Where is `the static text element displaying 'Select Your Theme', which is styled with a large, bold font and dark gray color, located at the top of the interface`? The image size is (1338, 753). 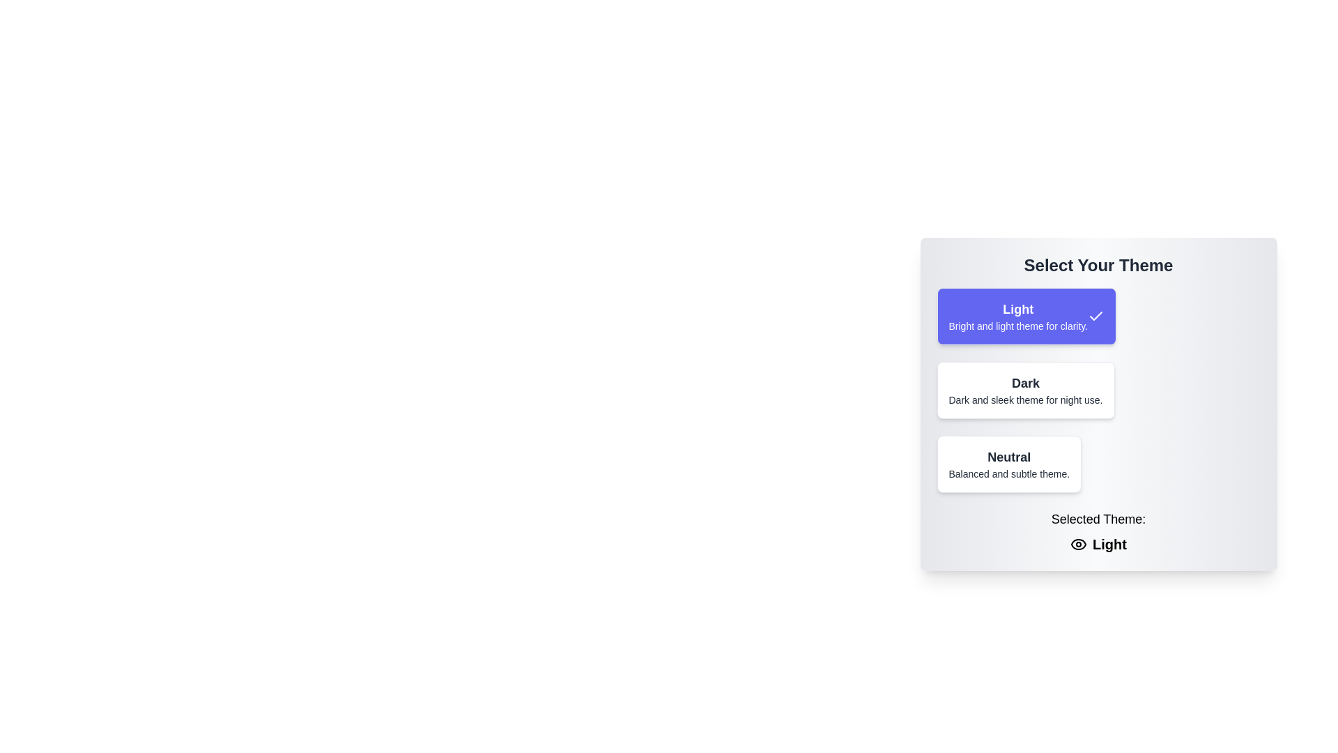
the static text element displaying 'Select Your Theme', which is styled with a large, bold font and dark gray color, located at the top of the interface is located at coordinates (1098, 266).